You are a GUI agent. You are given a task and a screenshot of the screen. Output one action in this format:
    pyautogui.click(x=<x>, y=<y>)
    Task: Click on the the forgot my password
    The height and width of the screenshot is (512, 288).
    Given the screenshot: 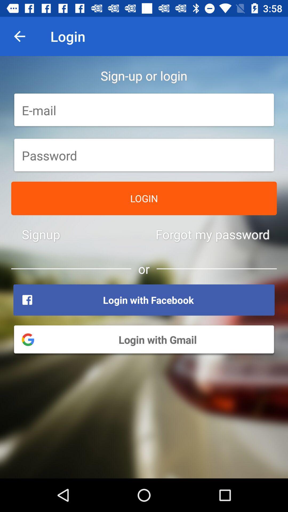 What is the action you would take?
    pyautogui.click(x=212, y=234)
    